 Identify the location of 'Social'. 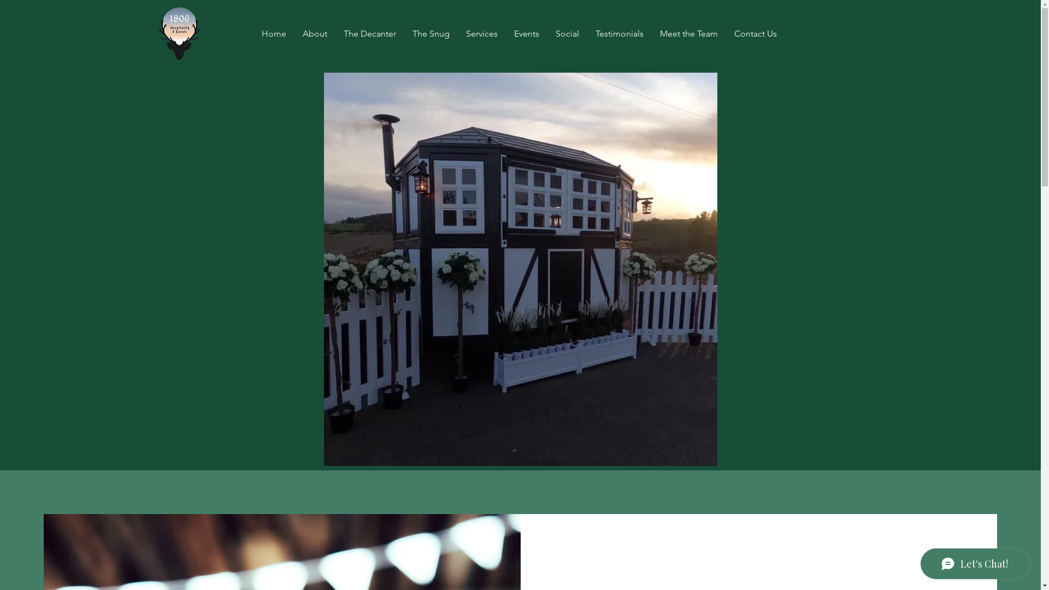
(567, 33).